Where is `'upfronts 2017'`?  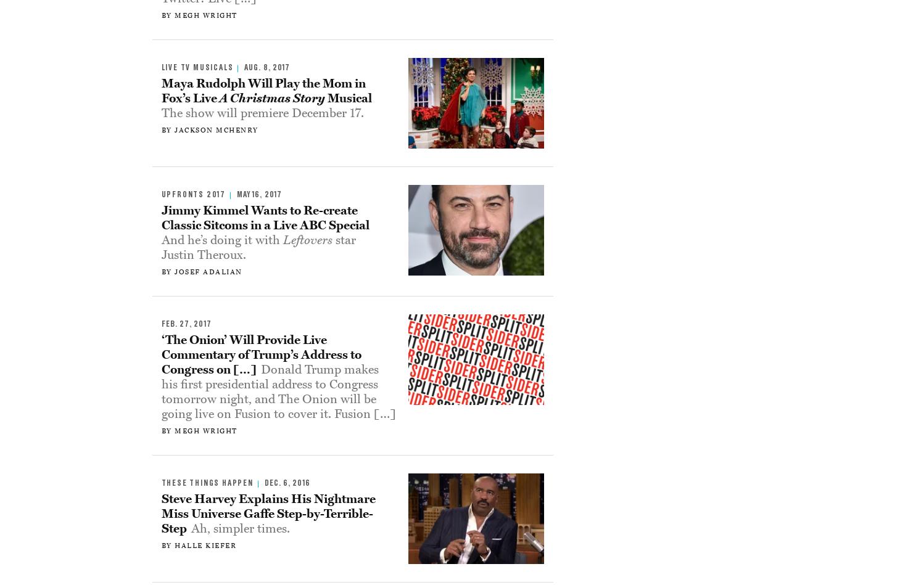 'upfronts 2017' is located at coordinates (192, 194).